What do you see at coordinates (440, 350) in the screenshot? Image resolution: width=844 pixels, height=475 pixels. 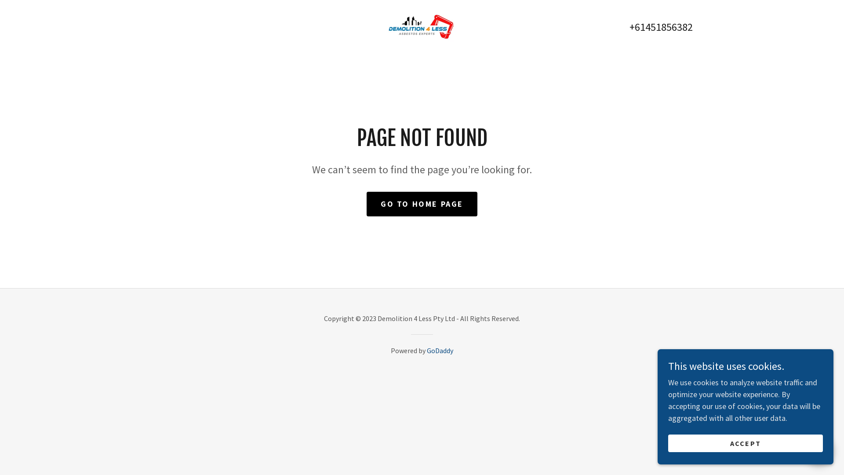 I see `'GoDaddy'` at bounding box center [440, 350].